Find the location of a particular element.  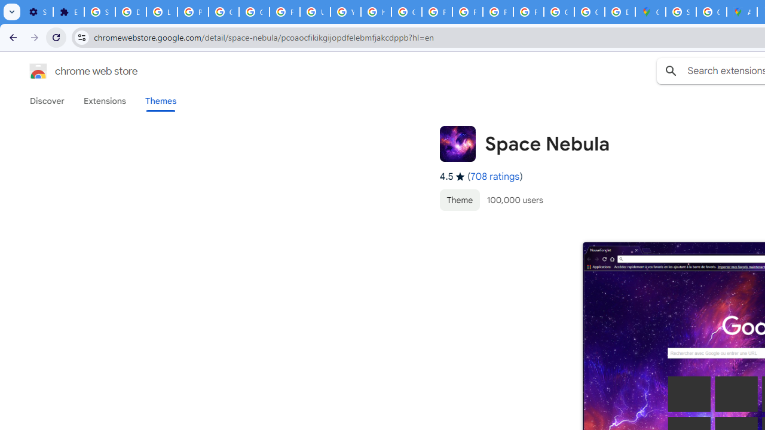

'708 ratings' is located at coordinates (495, 176).